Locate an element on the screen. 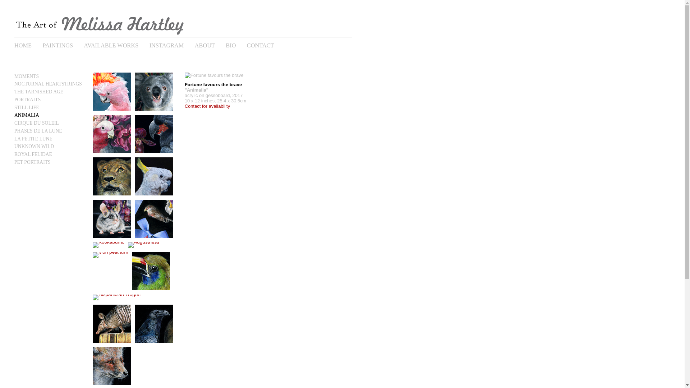 Image resolution: width=690 pixels, height=388 pixels. 'STILL LIFE' is located at coordinates (14, 107).